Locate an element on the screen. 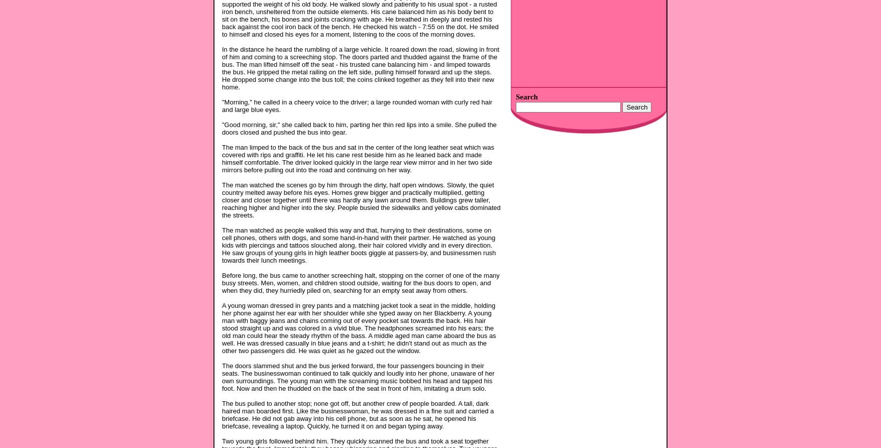 The height and width of the screenshot is (448, 881). '- Inappropriate Facebook photos' is located at coordinates (558, 28).